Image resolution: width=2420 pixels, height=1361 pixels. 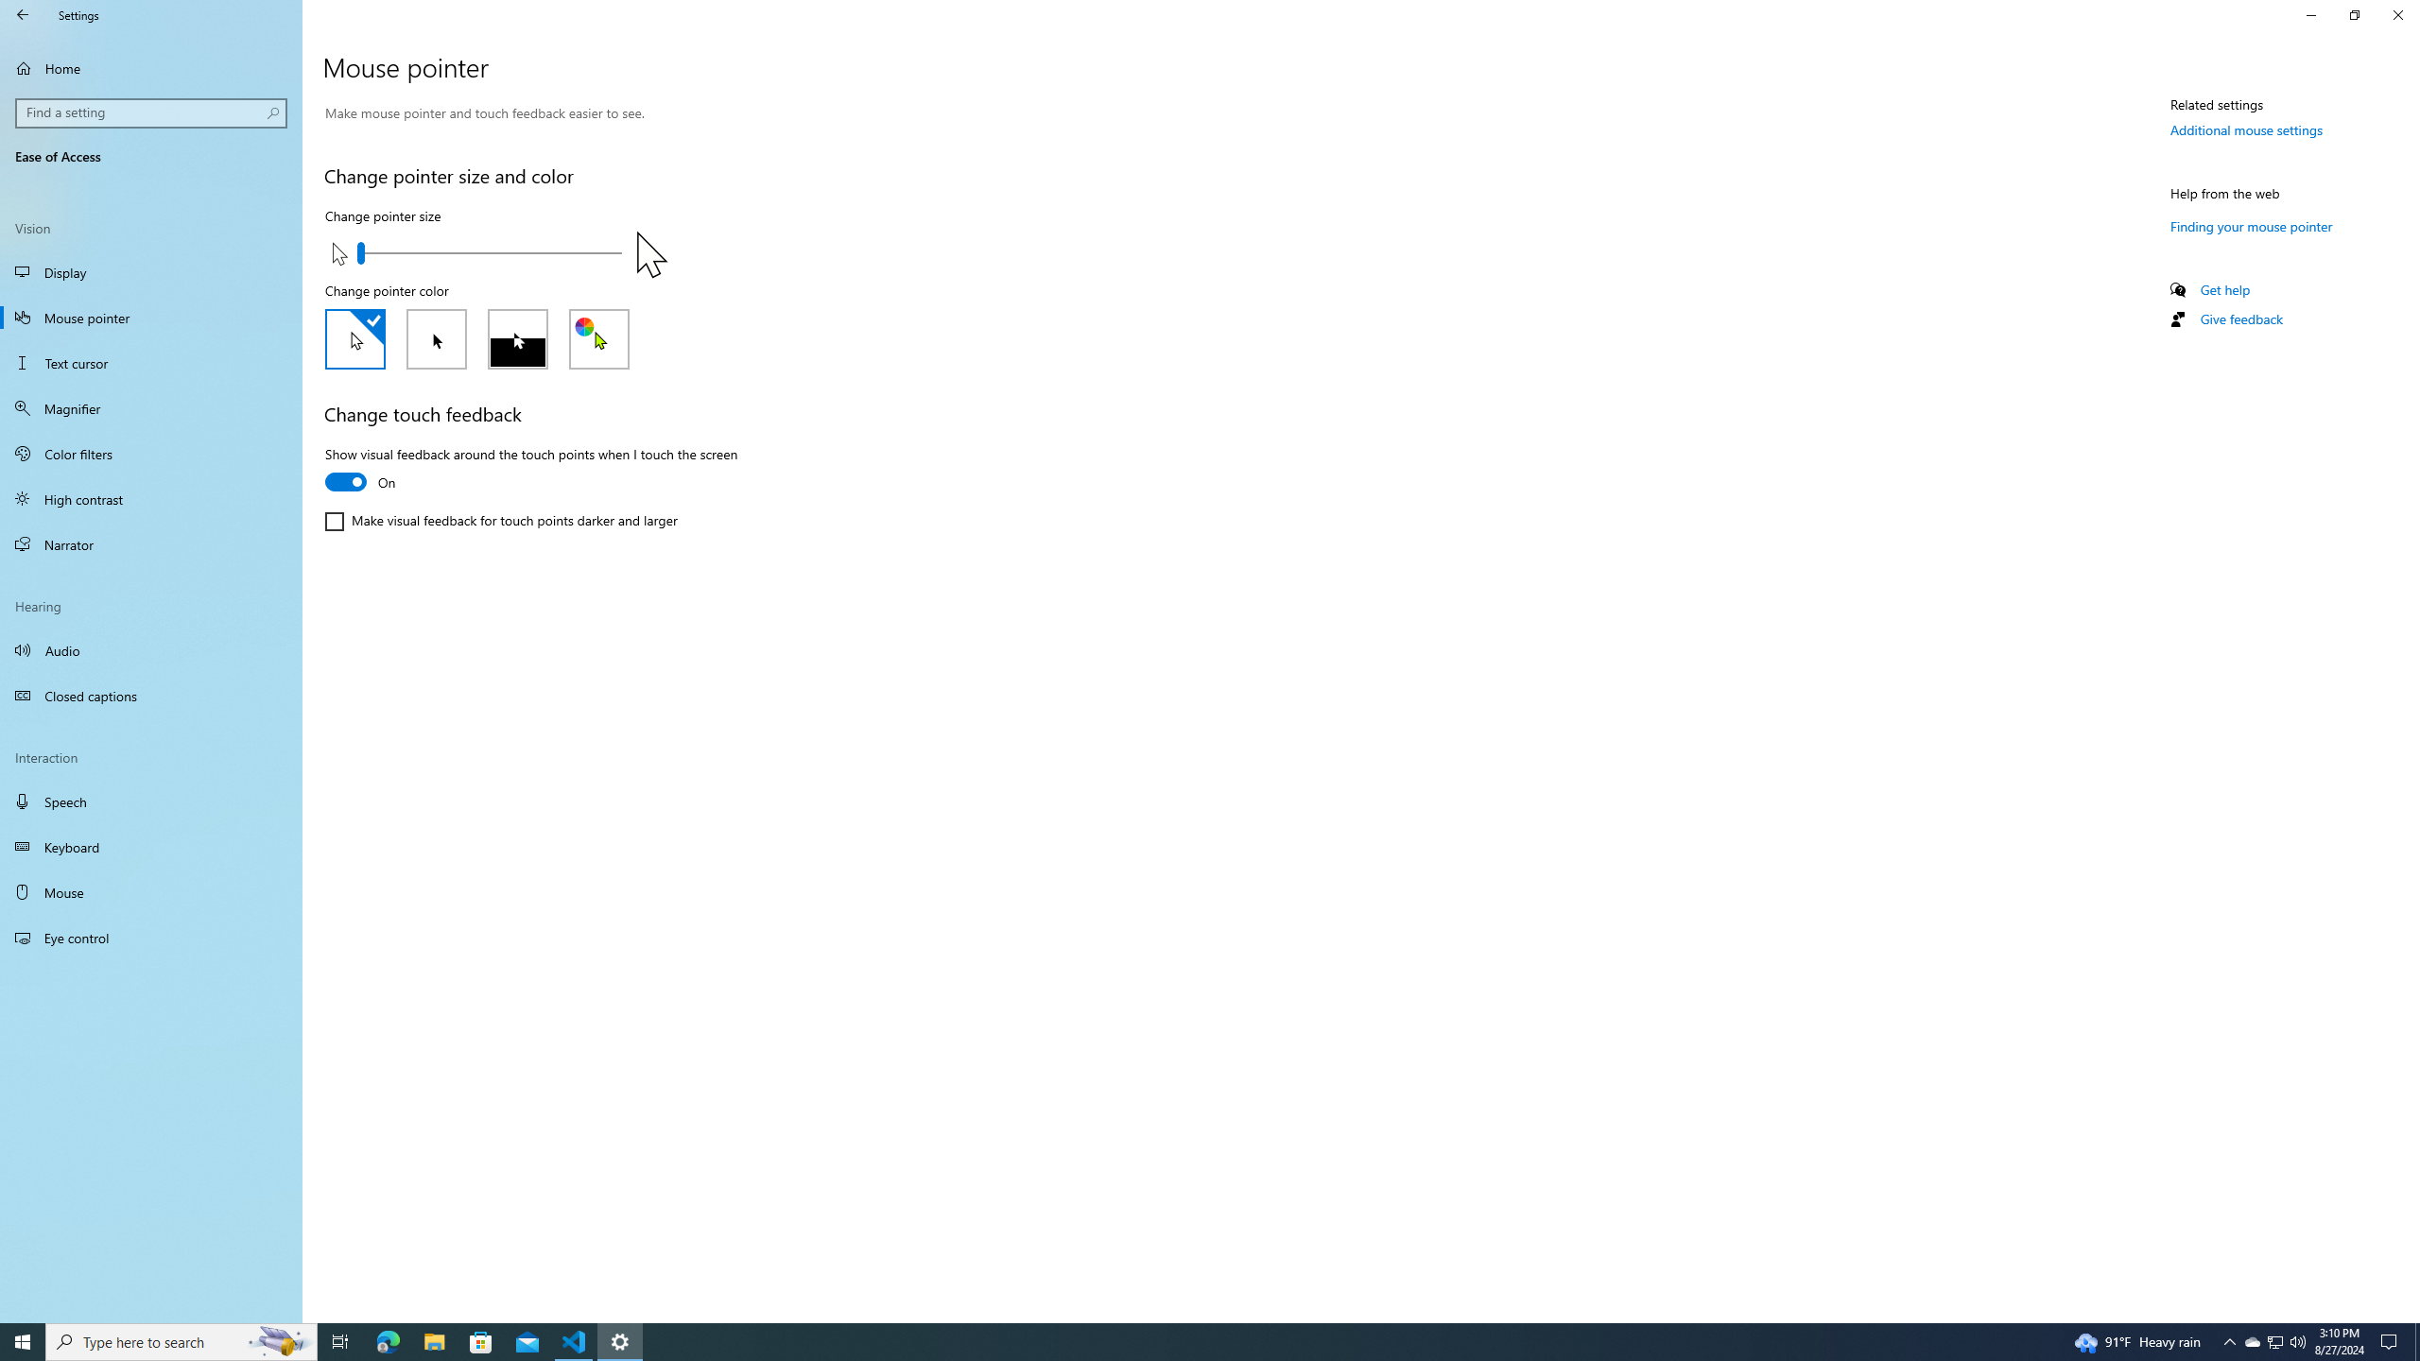 What do you see at coordinates (150, 890) in the screenshot?
I see `'Mouse'` at bounding box center [150, 890].